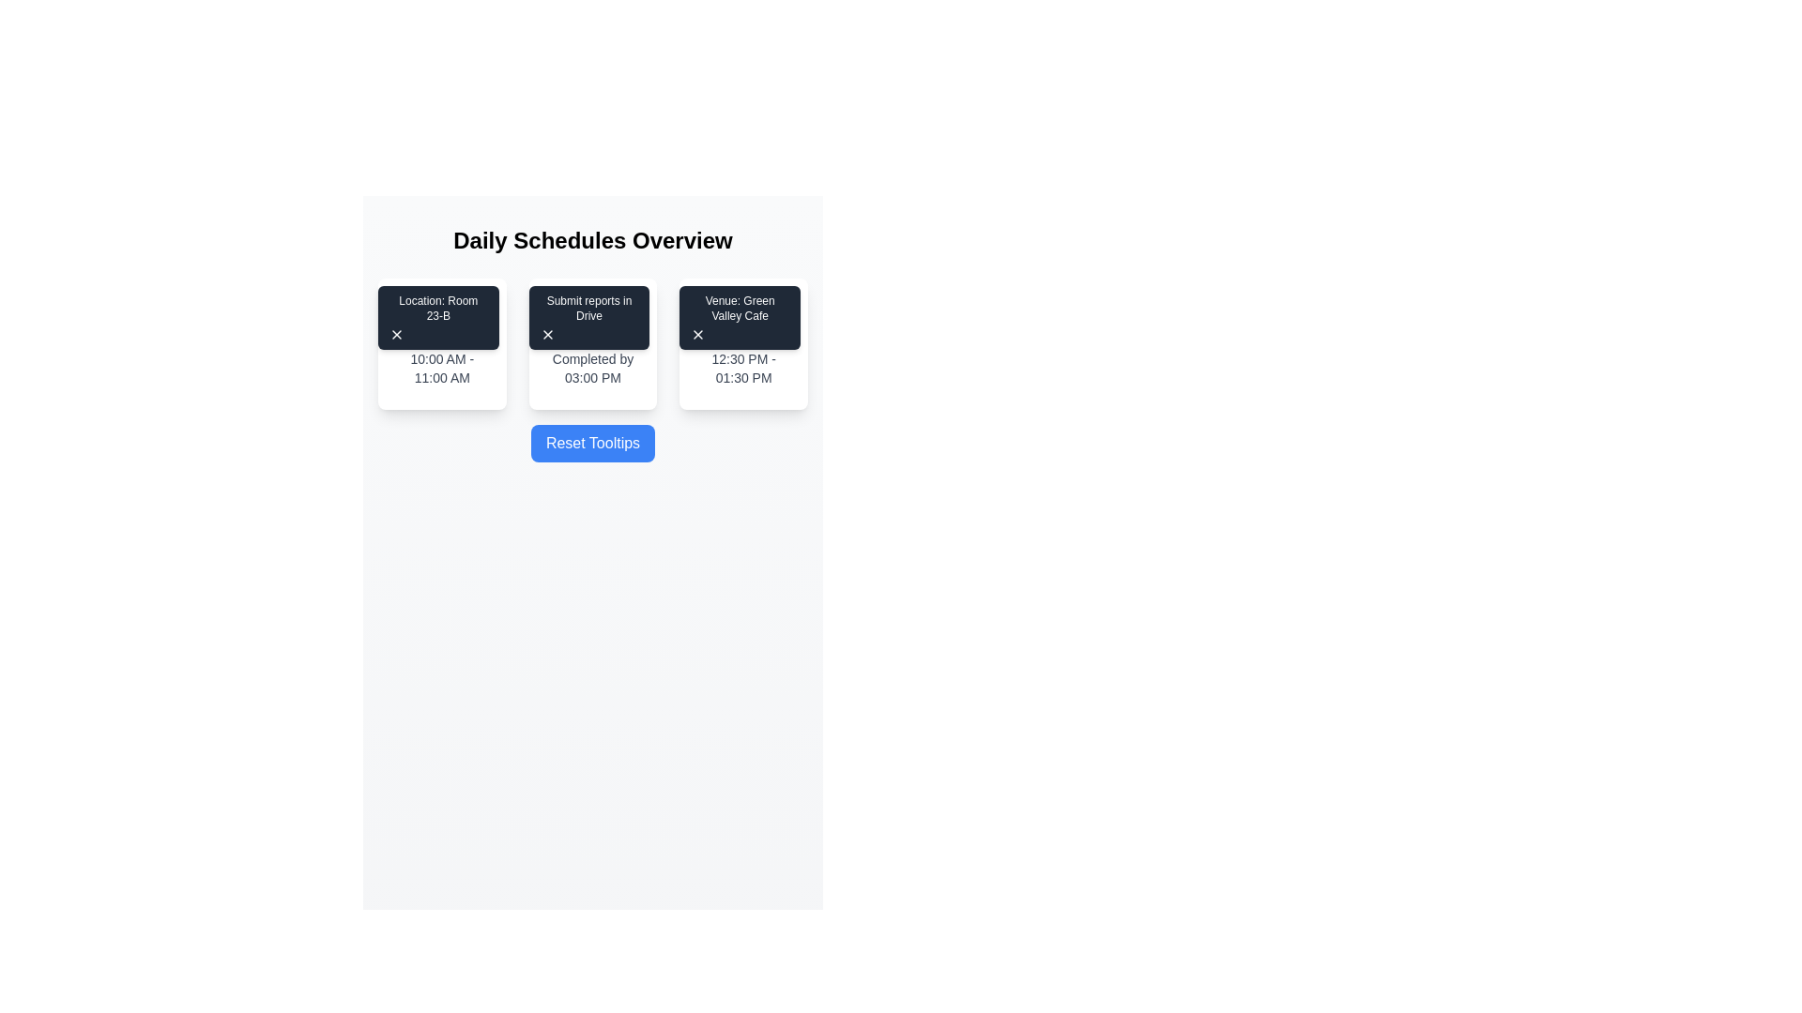  What do you see at coordinates (588, 317) in the screenshot?
I see `the informational card titled 'Project Deadline' containing the button 'Submit reports in Drive'` at bounding box center [588, 317].